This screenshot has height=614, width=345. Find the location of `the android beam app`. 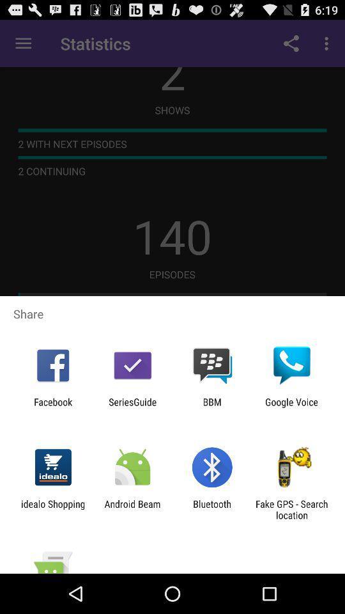

the android beam app is located at coordinates (132, 509).